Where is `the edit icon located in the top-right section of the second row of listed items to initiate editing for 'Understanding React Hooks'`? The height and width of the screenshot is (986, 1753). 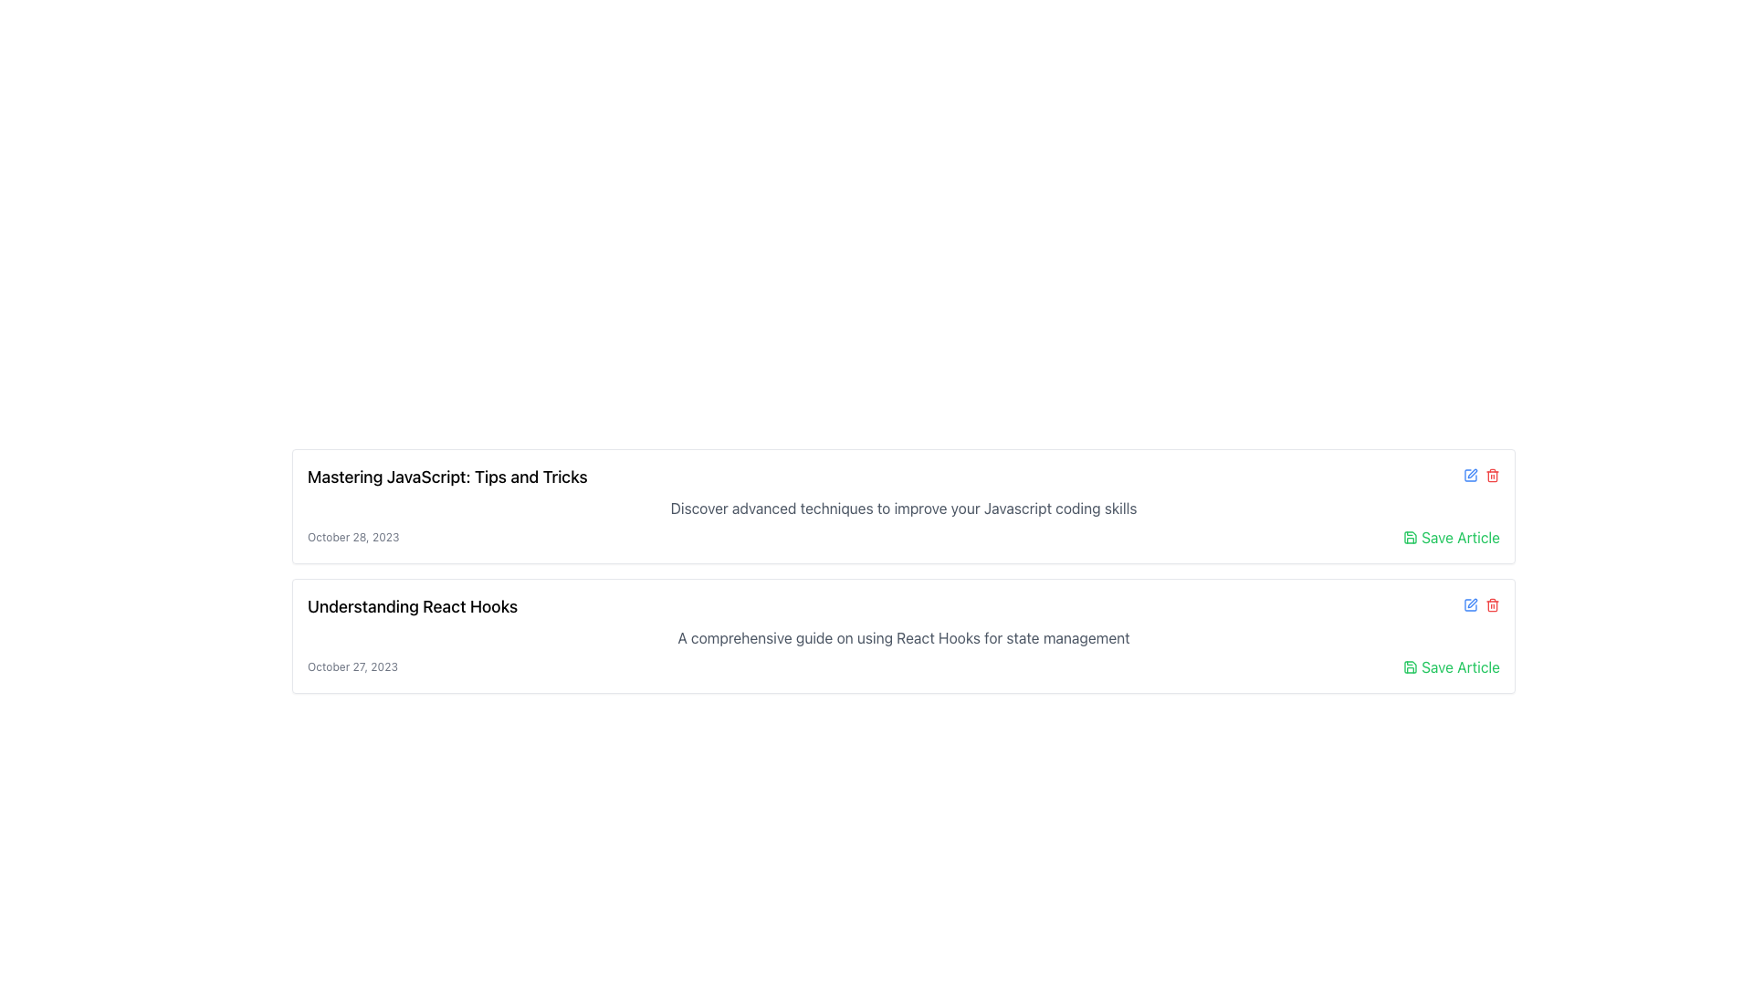 the edit icon located in the top-right section of the second row of listed items to initiate editing for 'Understanding React Hooks' is located at coordinates (1471, 605).